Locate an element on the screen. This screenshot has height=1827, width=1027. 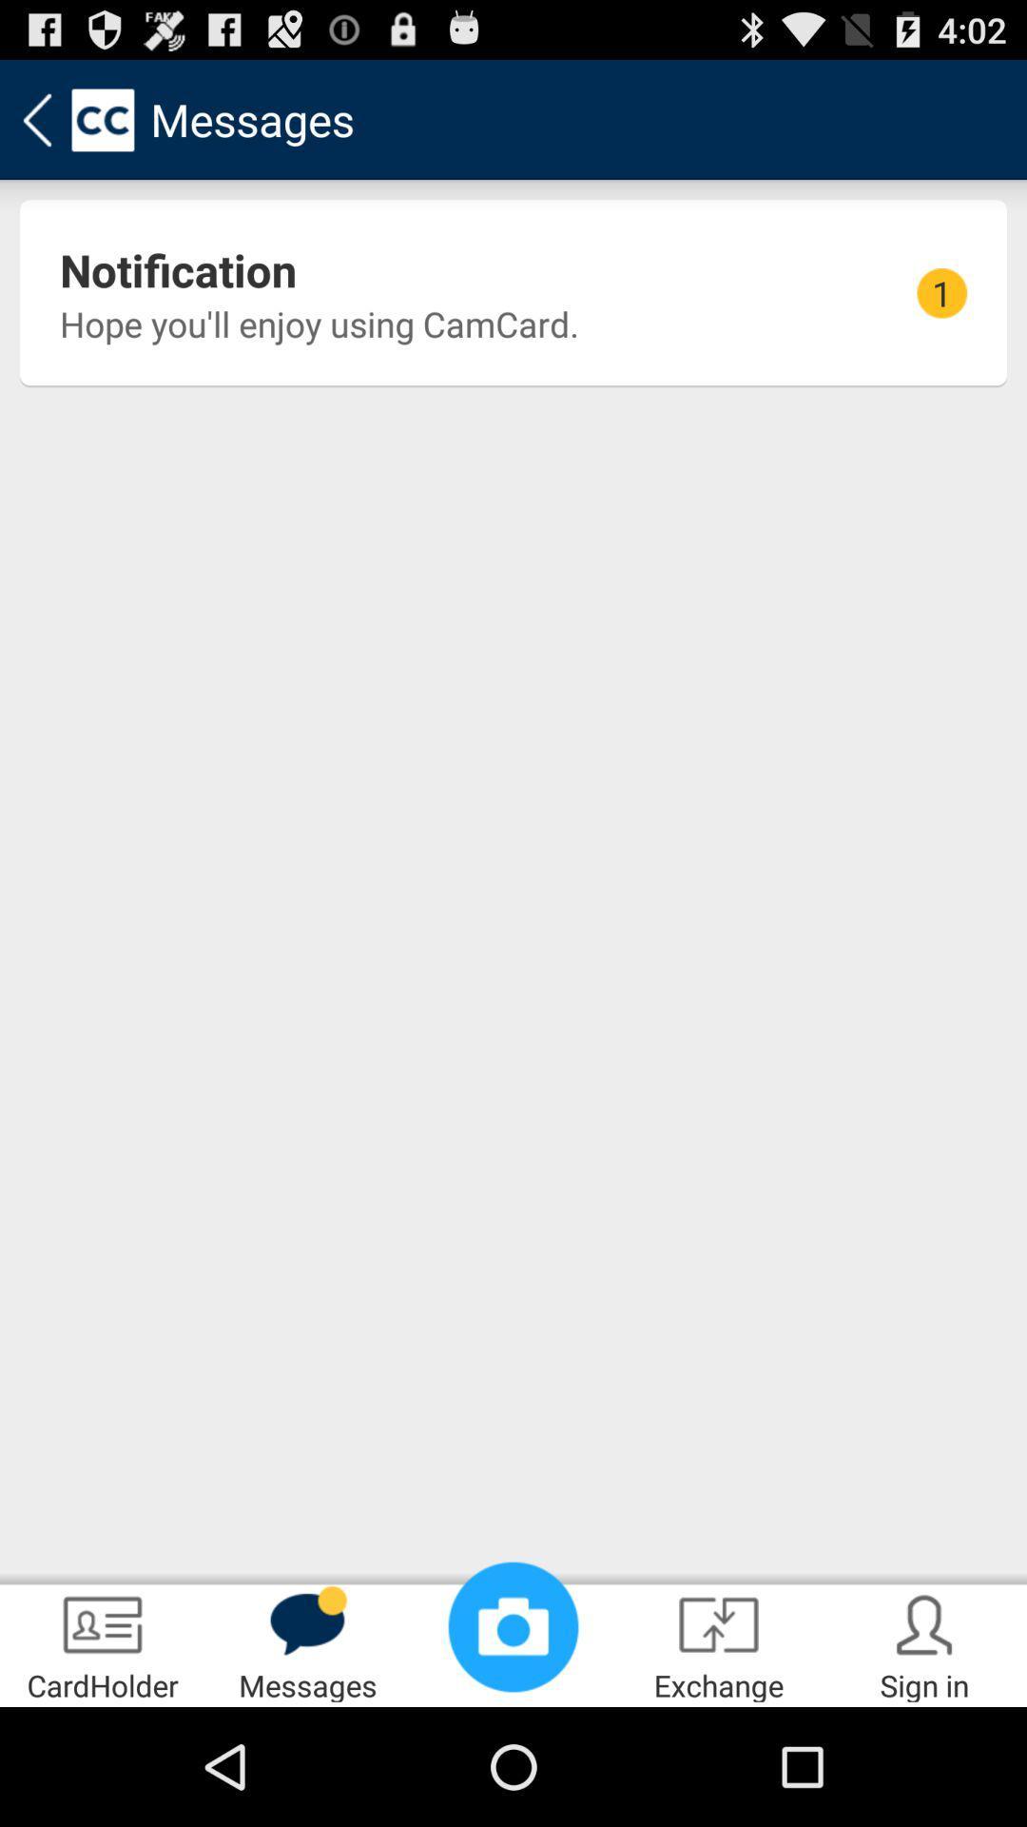
the item next to exchange app is located at coordinates (923, 1642).